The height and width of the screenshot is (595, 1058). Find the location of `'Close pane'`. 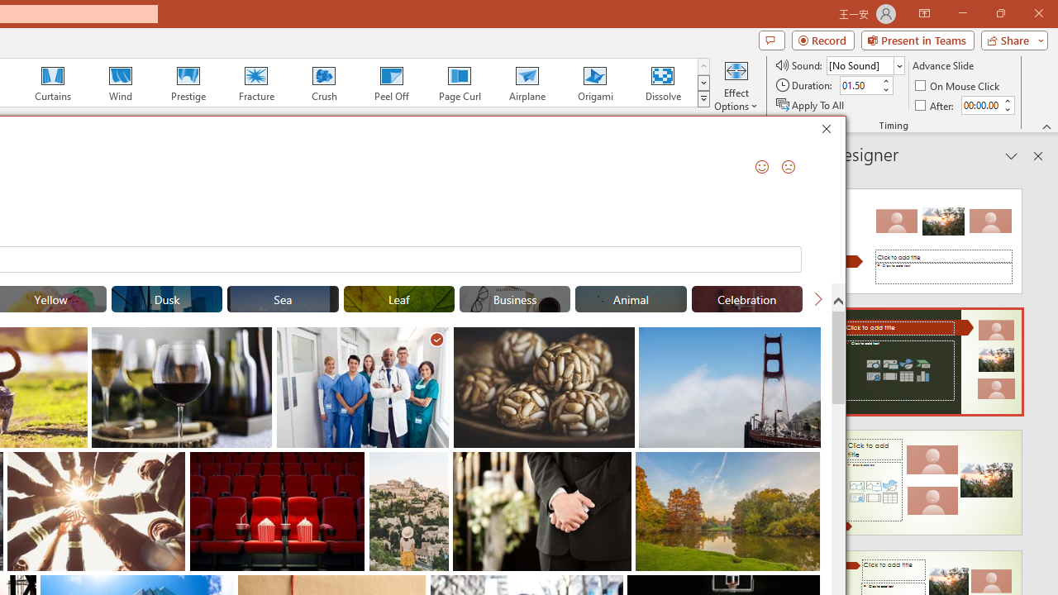

'Close pane' is located at coordinates (1037, 156).